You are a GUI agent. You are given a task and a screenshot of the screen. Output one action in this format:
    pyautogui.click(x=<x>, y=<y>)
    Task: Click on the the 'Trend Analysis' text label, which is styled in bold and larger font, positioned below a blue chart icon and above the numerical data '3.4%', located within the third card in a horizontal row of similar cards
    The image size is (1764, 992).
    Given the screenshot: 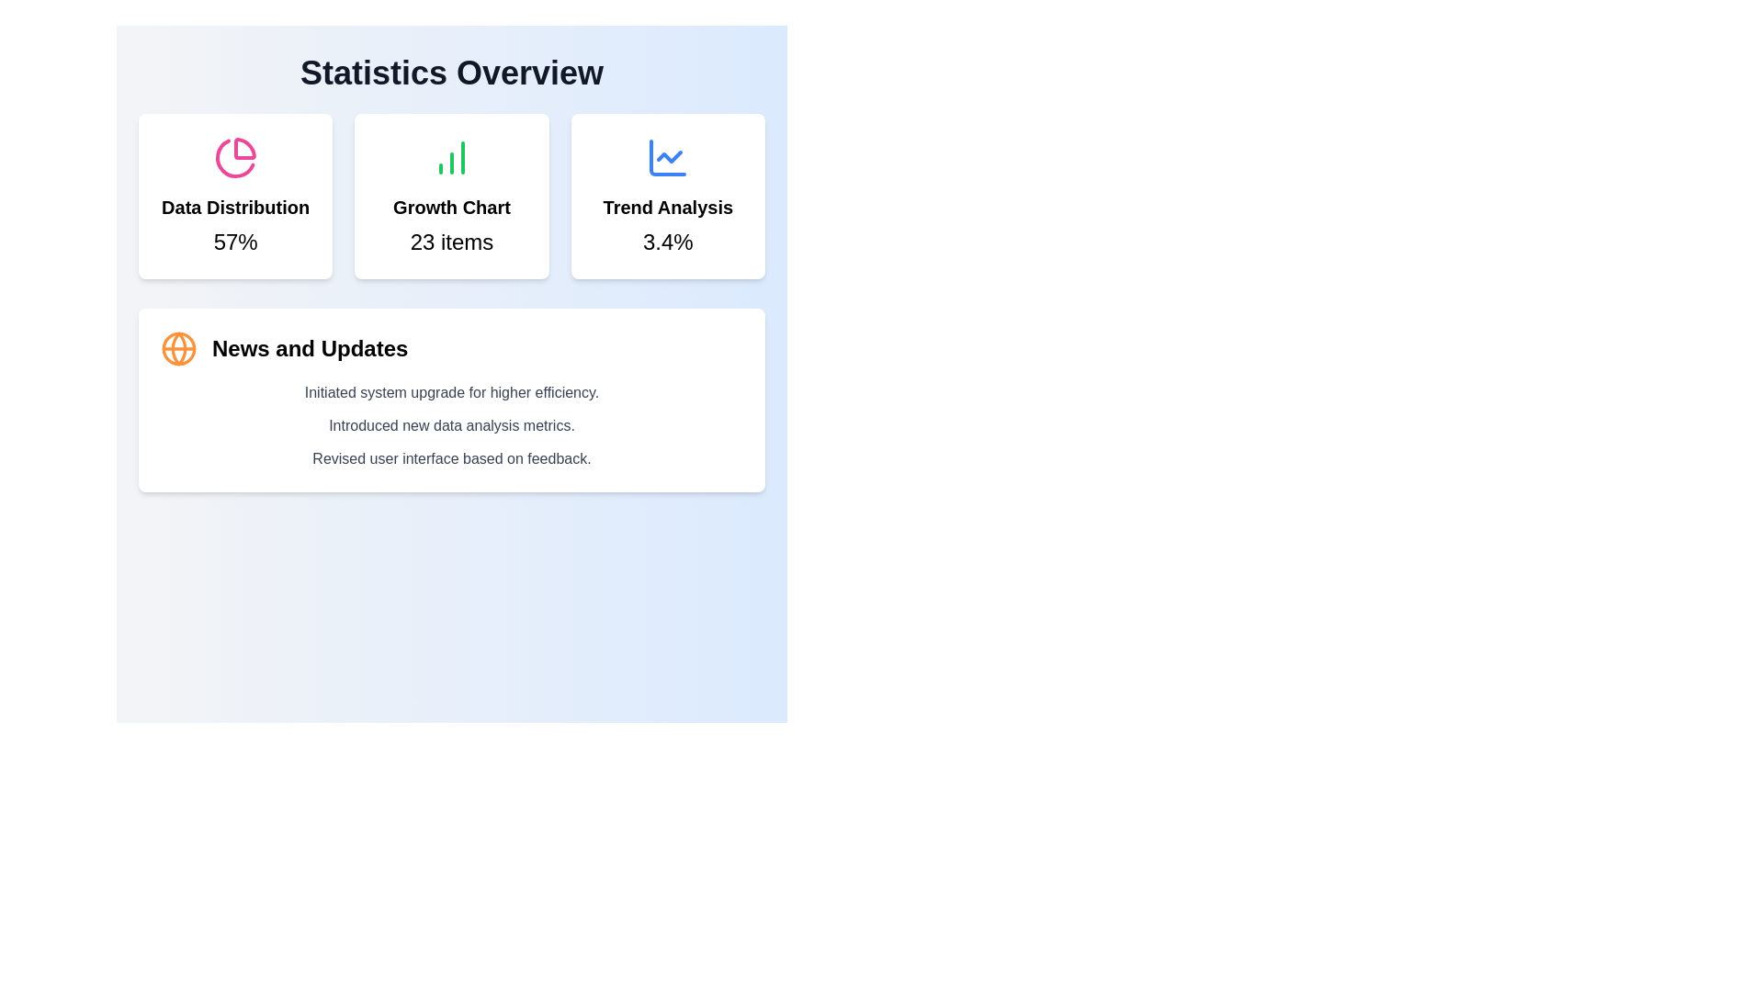 What is the action you would take?
    pyautogui.click(x=667, y=207)
    